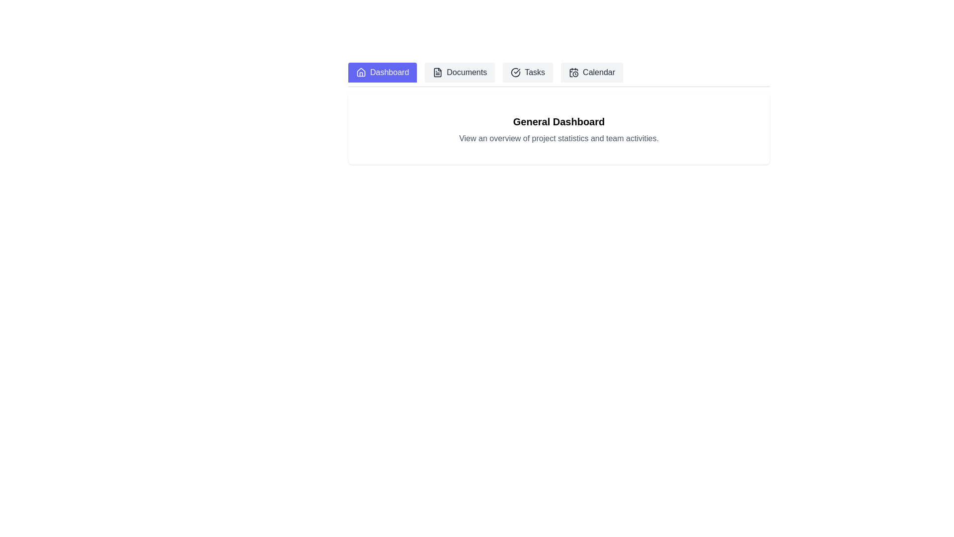 The width and height of the screenshot is (954, 537). Describe the element at coordinates (558, 129) in the screenshot. I see `the Informational text block located centrally below the main navigation tabs, which serves as an overview of the dashboard's content` at that location.